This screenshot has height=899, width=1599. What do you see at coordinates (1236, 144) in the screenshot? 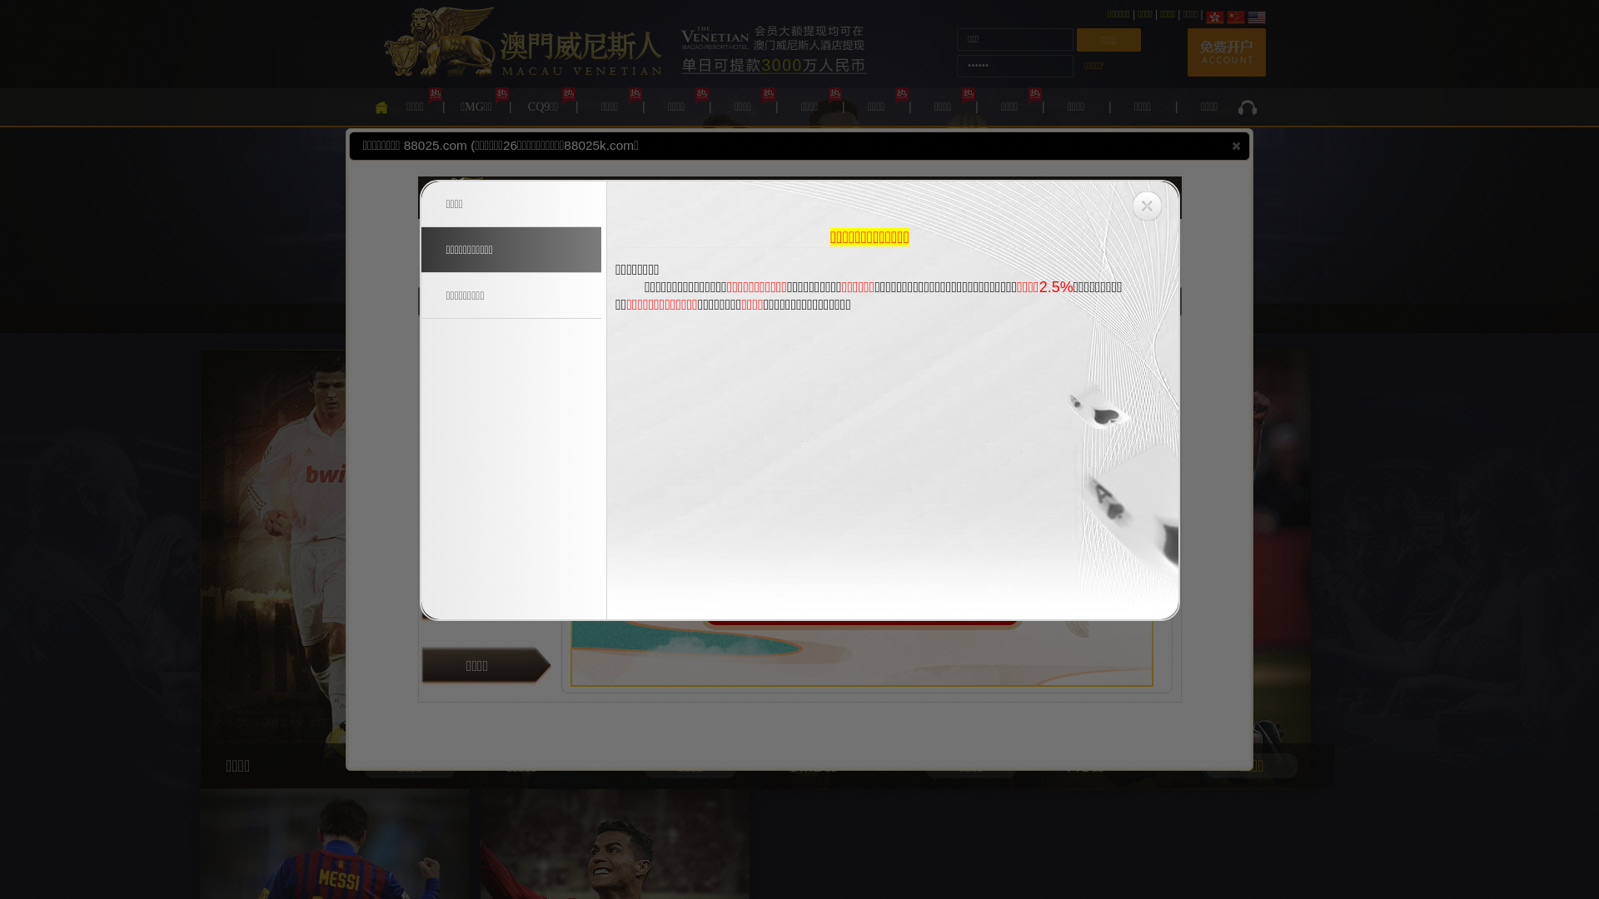
I see `'close'` at bounding box center [1236, 144].